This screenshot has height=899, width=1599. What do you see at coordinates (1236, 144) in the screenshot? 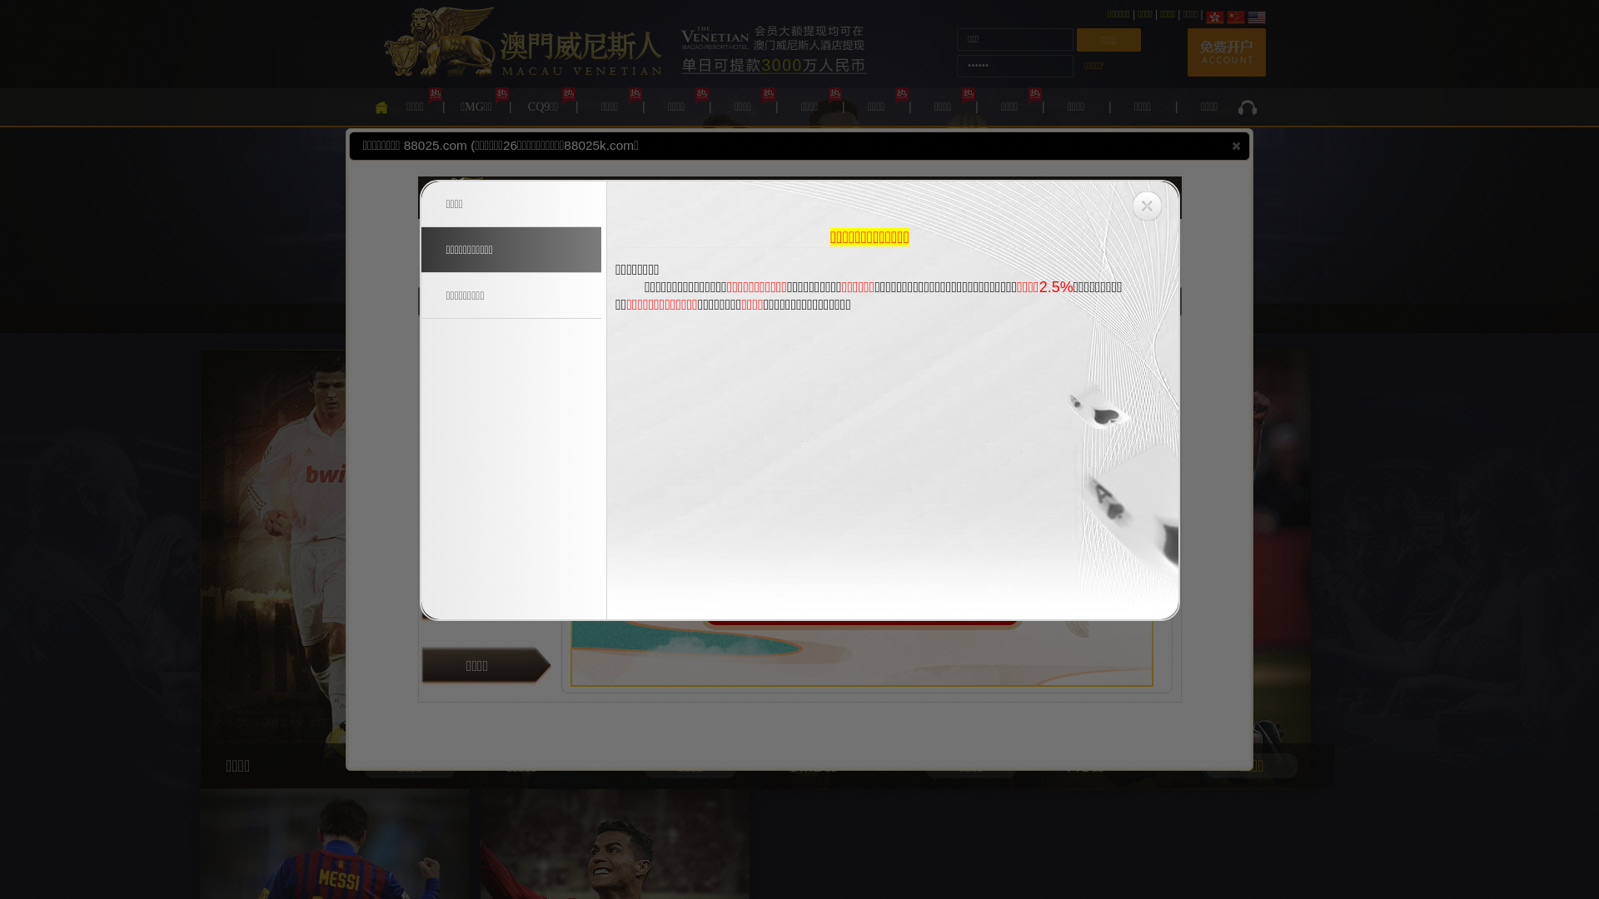
I see `'close'` at bounding box center [1236, 144].